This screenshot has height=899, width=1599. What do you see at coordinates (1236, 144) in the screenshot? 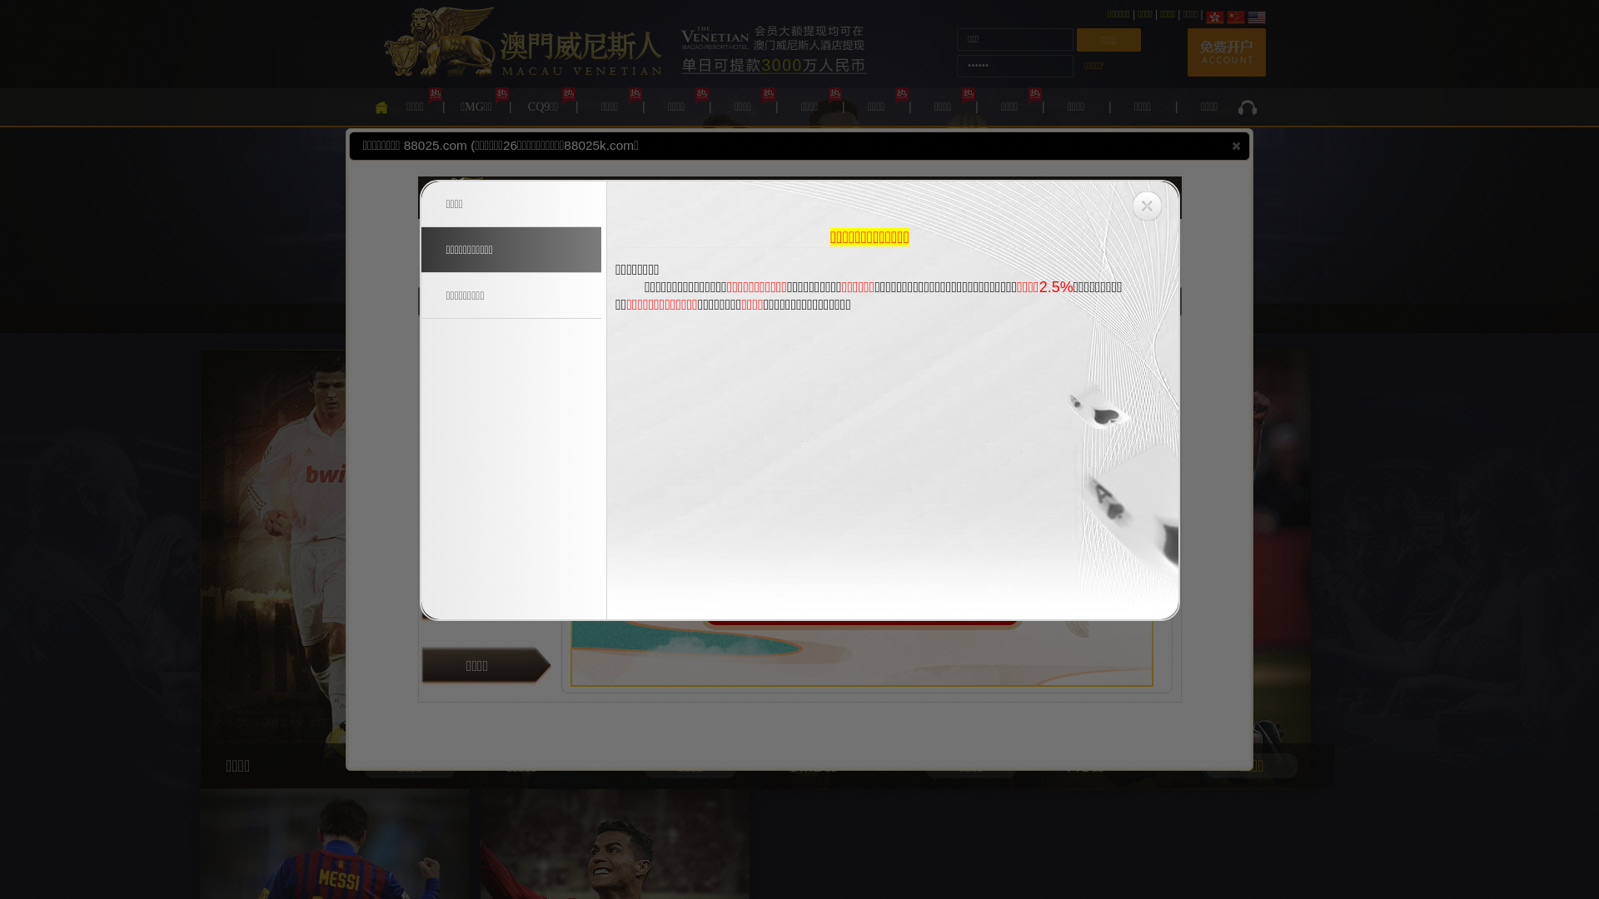
I see `'close'` at bounding box center [1236, 144].